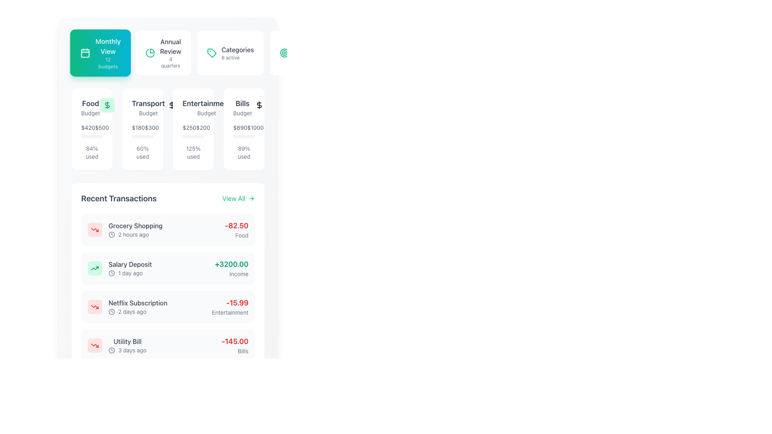 This screenshot has width=772, height=434. Describe the element at coordinates (243, 107) in the screenshot. I see `the text label element titled 'Bills' which is styled in bold and larger font, located in the top row of the interface among budget category cards, specifically aligned to the rightmost position` at that location.